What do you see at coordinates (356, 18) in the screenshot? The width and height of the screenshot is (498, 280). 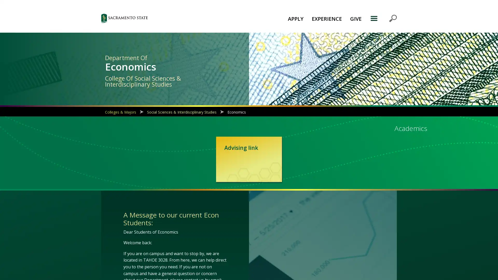 I see `GIVE` at bounding box center [356, 18].